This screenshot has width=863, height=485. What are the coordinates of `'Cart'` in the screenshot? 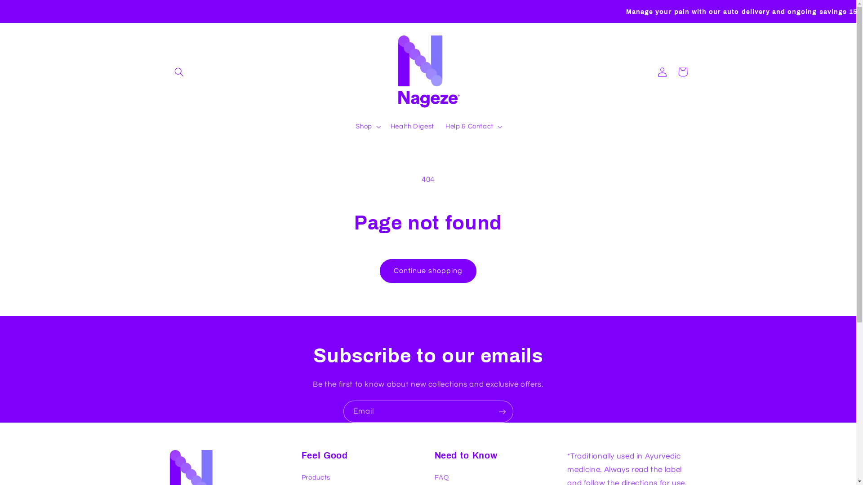 It's located at (682, 71).